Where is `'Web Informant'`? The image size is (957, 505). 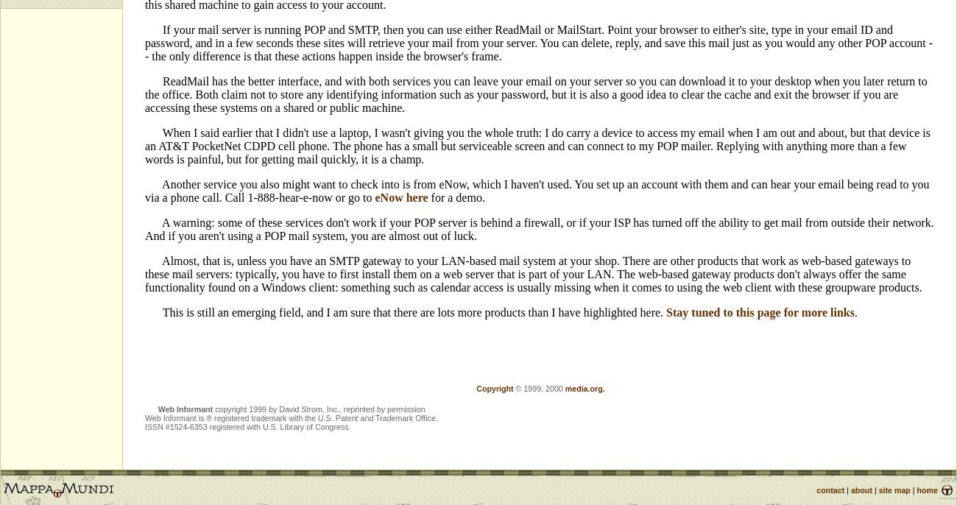
'Web Informant' is located at coordinates (184, 409).